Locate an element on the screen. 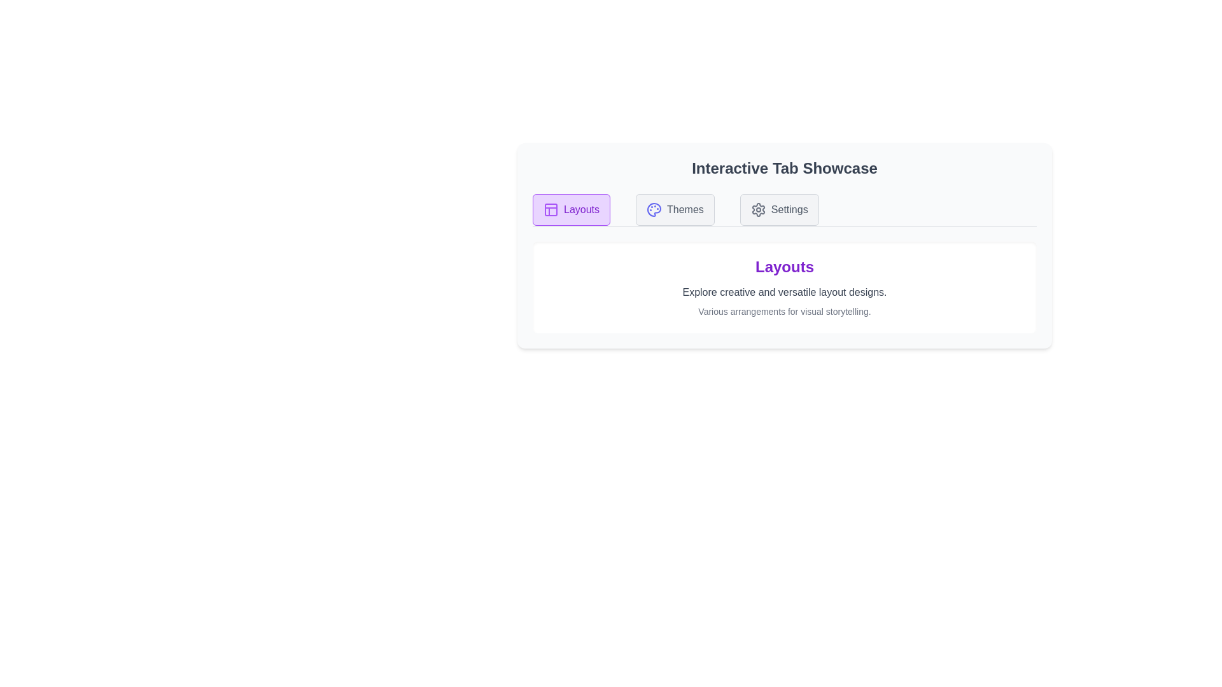 The image size is (1222, 687). the Layouts tab is located at coordinates (570, 209).